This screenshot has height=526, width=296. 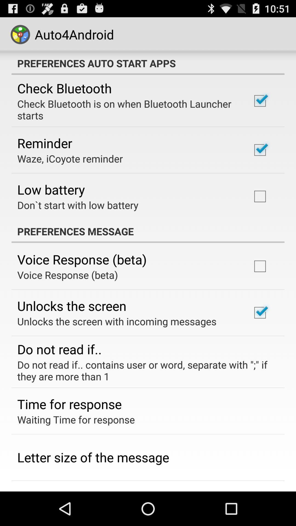 I want to click on the preferences auto start app, so click(x=148, y=63).